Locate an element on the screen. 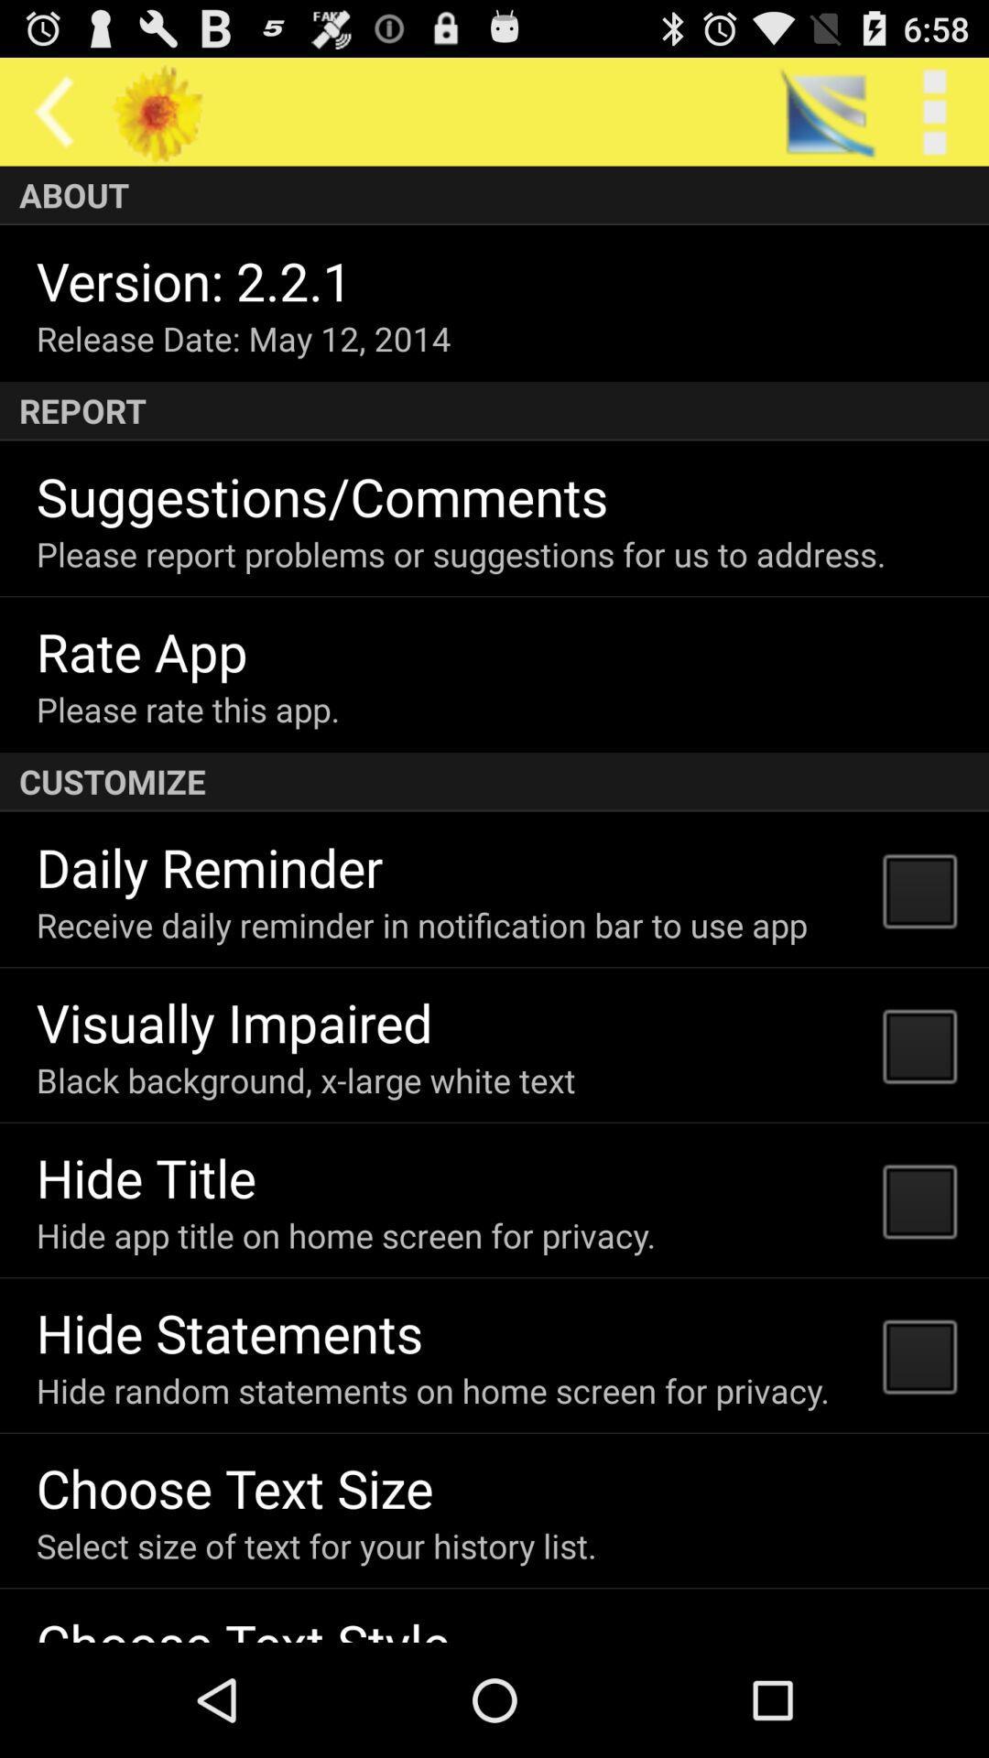  app below choose text size app is located at coordinates (315, 1545).